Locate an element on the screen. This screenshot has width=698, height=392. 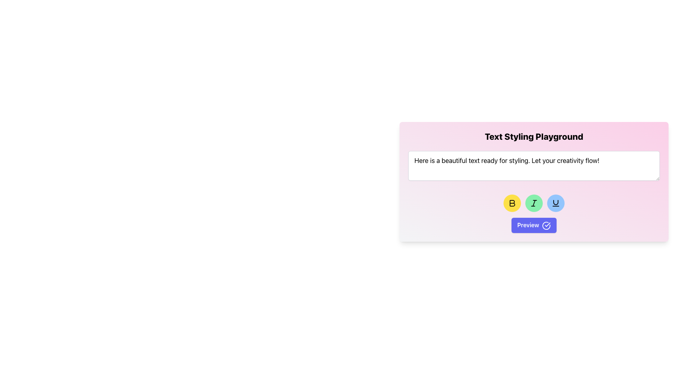
the bold button located at the bottom of the pink-styled text tool interface to apply bold styling to the selected text is located at coordinates (512, 203).